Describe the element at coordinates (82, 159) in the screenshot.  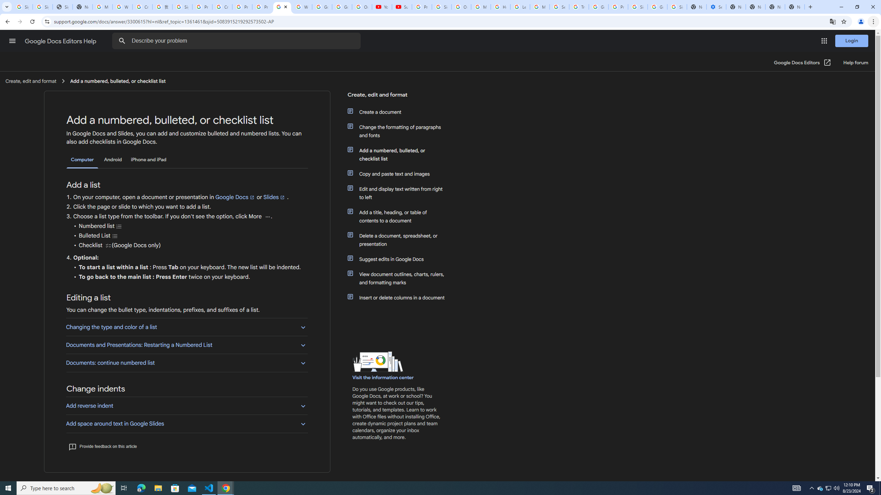
I see `'Computer'` at that location.